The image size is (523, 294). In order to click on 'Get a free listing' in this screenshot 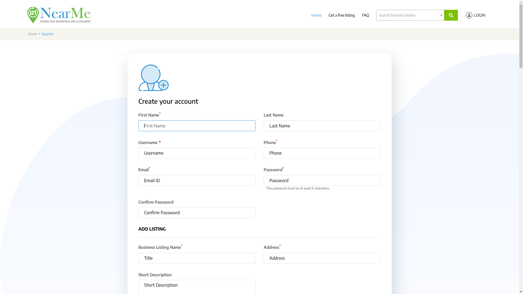, I will do `click(328, 15)`.